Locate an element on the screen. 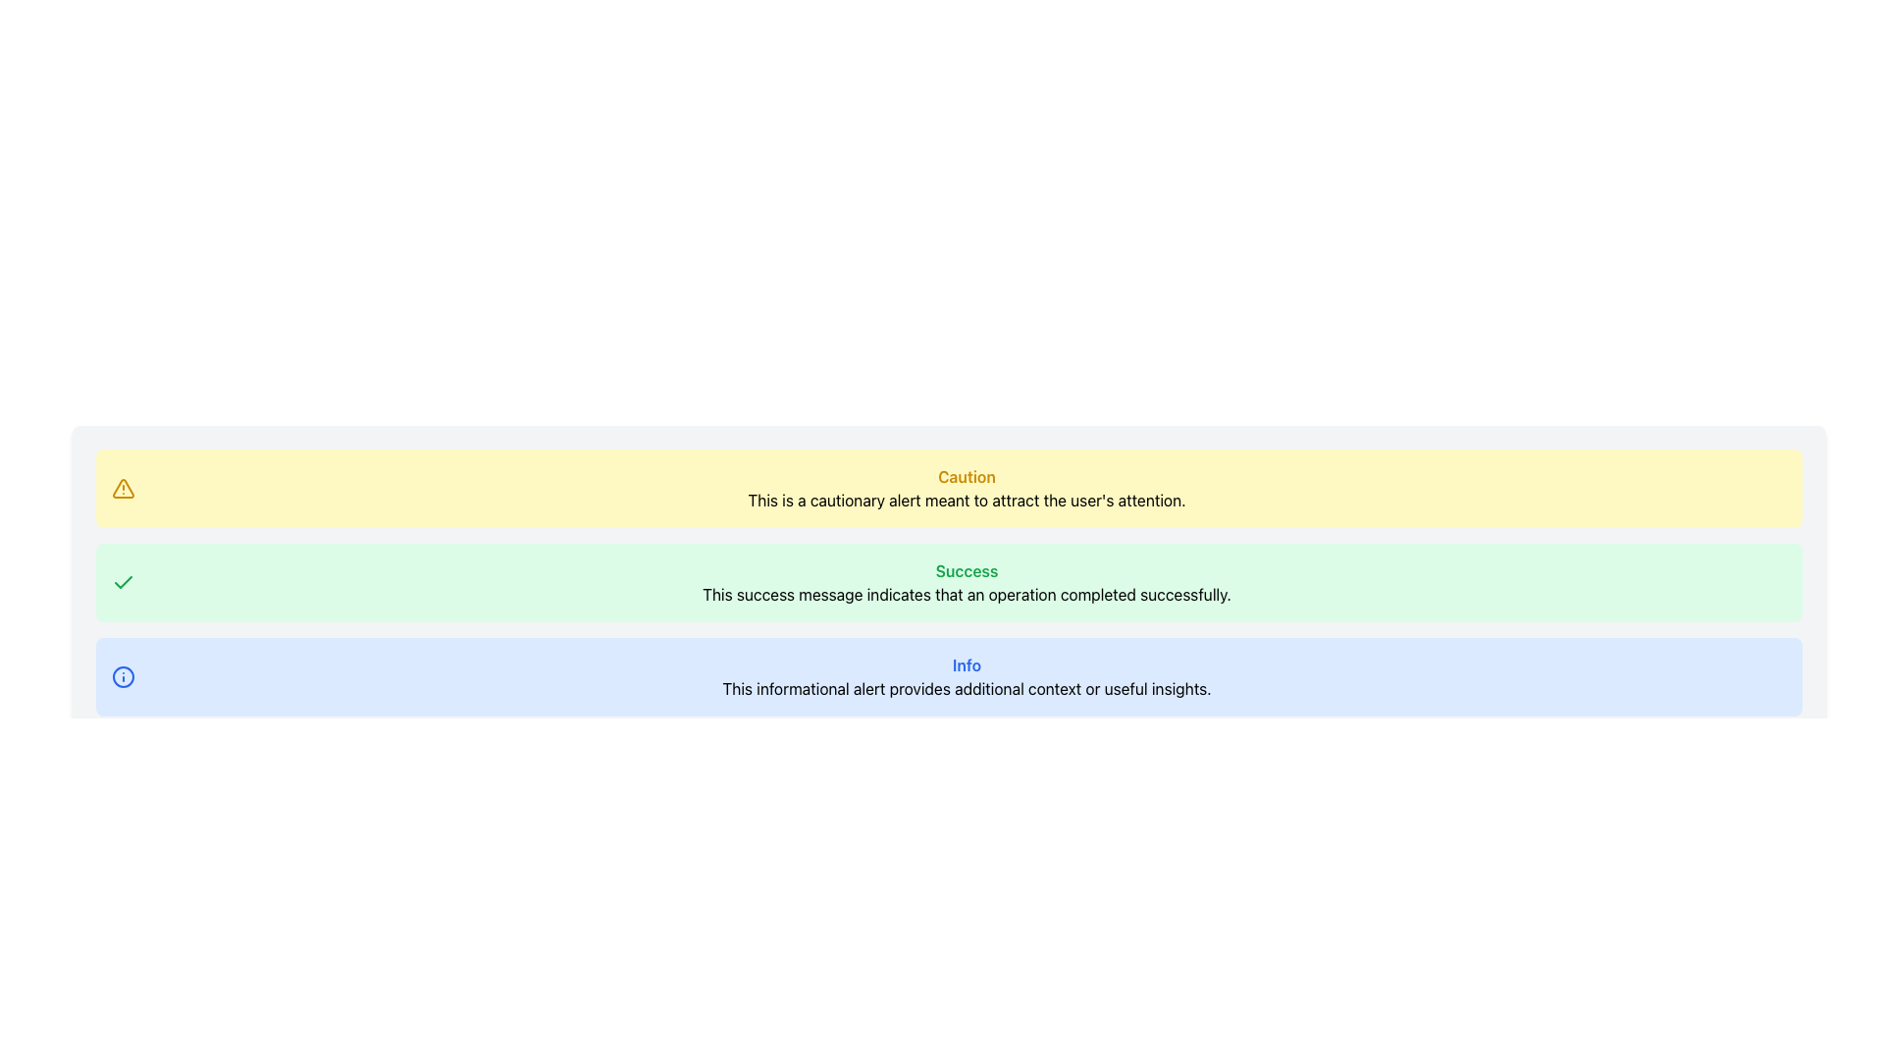 The height and width of the screenshot is (1060, 1884). the label indicating the type of content in the informational box located at the bottom of the layout is located at coordinates (967, 664).